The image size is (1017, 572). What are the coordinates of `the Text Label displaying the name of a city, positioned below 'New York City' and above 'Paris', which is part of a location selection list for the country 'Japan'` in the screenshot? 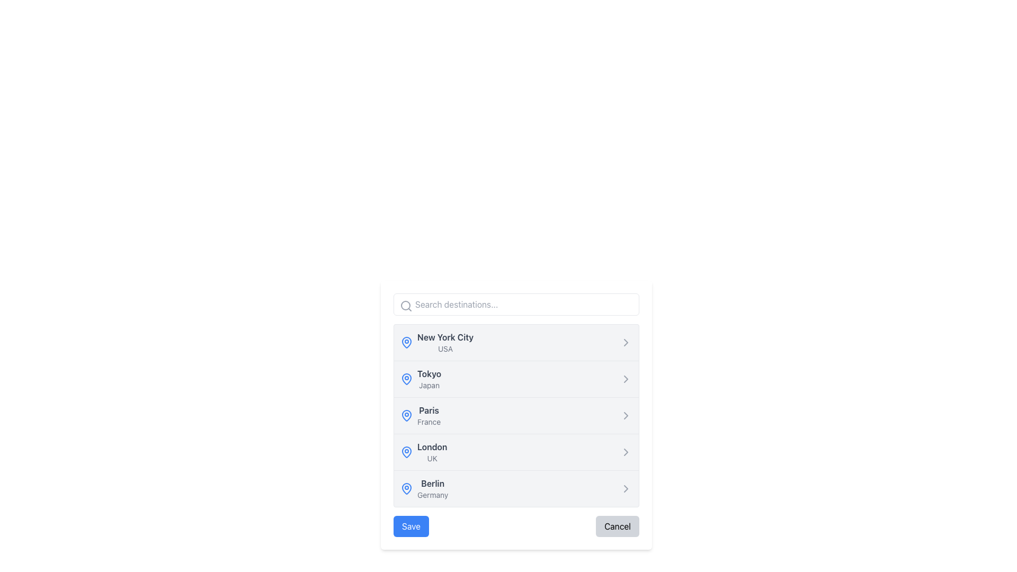 It's located at (429, 373).